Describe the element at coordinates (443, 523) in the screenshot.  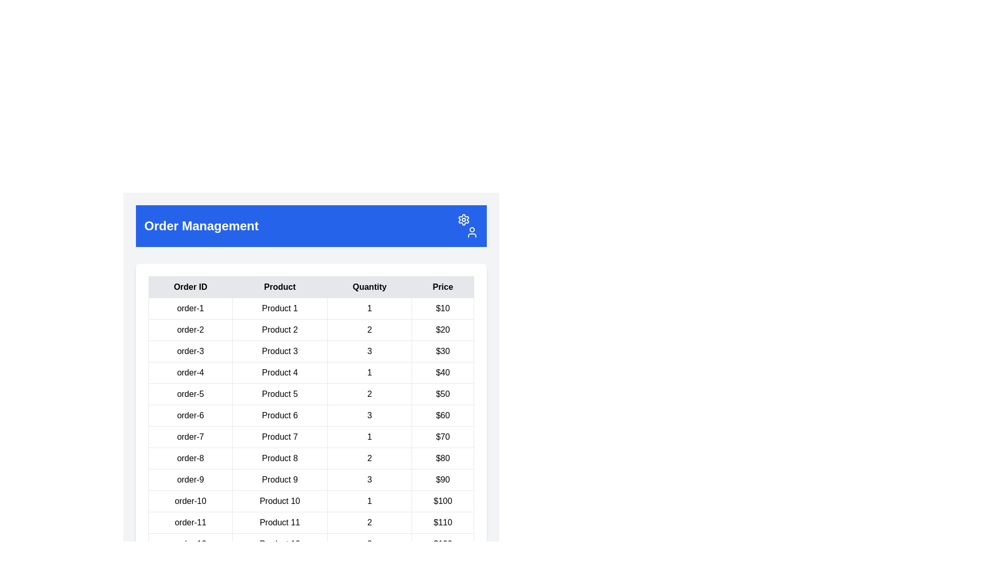
I see `monetary value displayed in the text label '$110', which is located in the 'Price' column of the 'order-11' row in the data table` at that location.